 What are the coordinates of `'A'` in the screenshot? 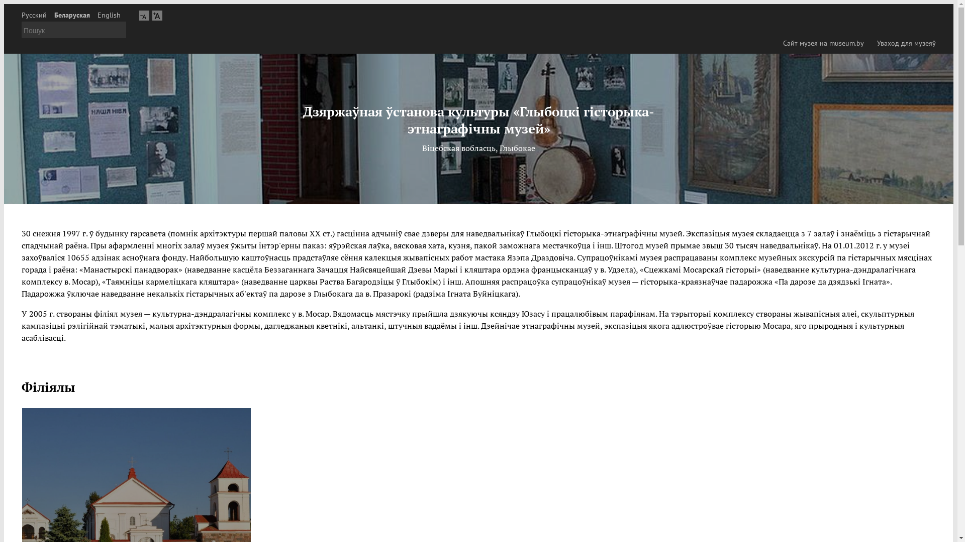 It's located at (156, 15).